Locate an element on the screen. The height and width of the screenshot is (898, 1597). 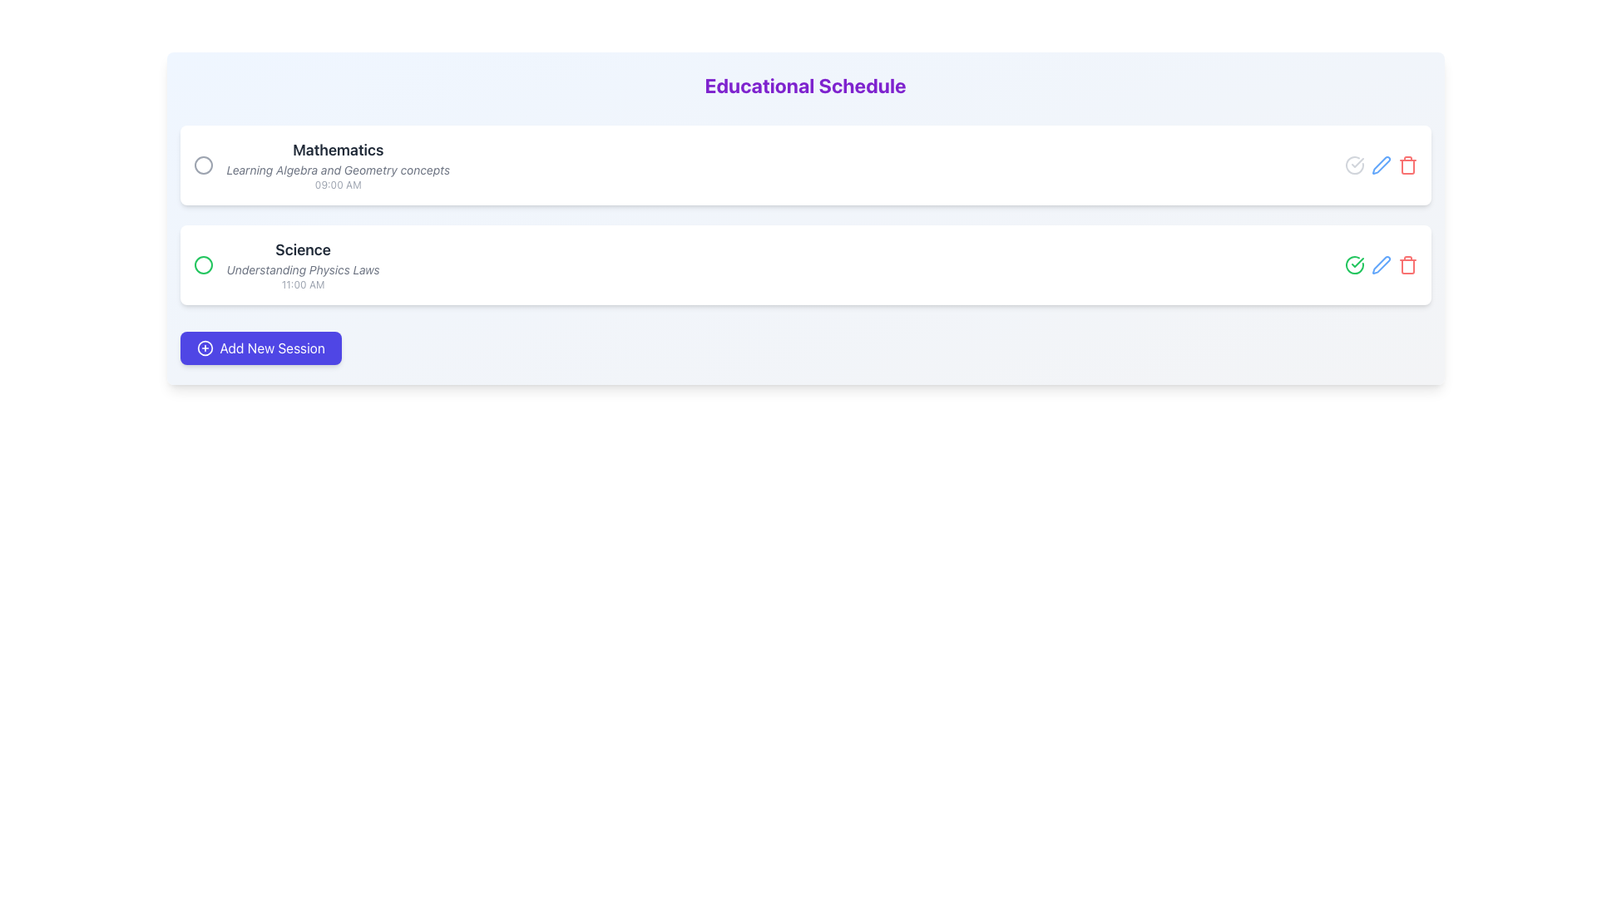
the 'Add New Session' button, which has a white plus icon on a vibrant indigo background, located centrally at the bottom of the layout is located at coordinates (260, 348).